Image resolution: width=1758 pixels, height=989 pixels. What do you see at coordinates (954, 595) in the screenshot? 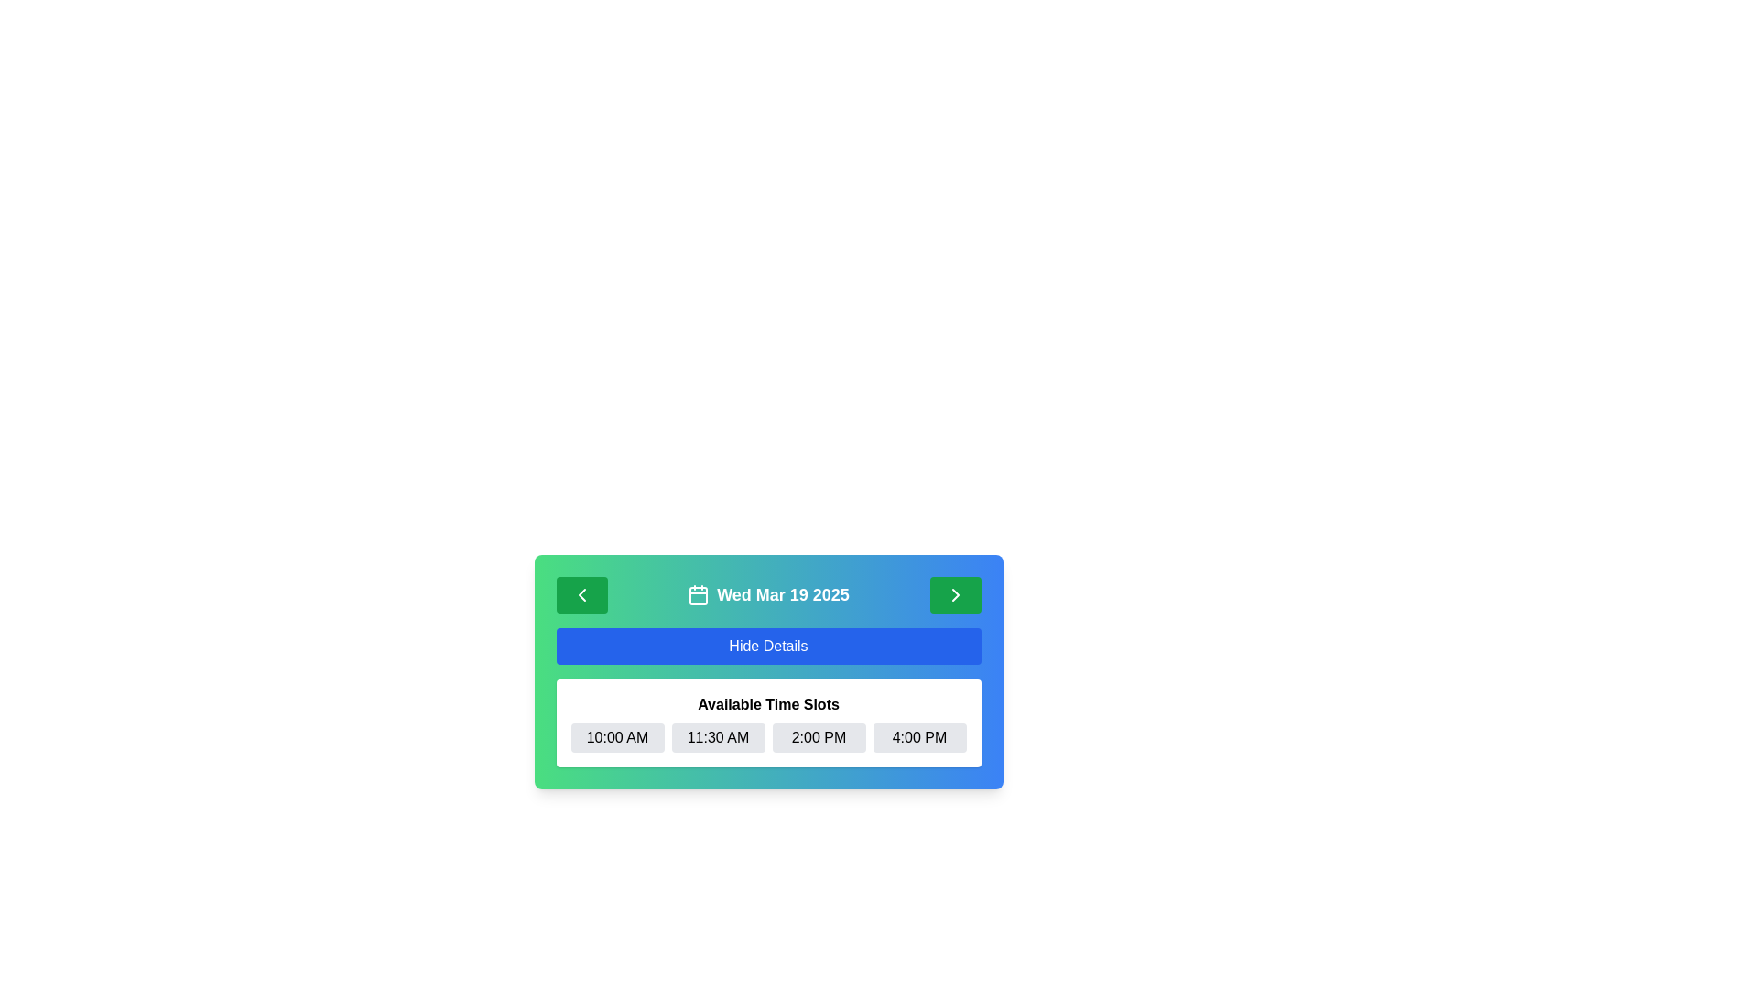
I see `the right-pointing chevron icon, which is white on a green circular background, located prominently to the right of the date display in the top right corner of the calendar widget` at bounding box center [954, 595].